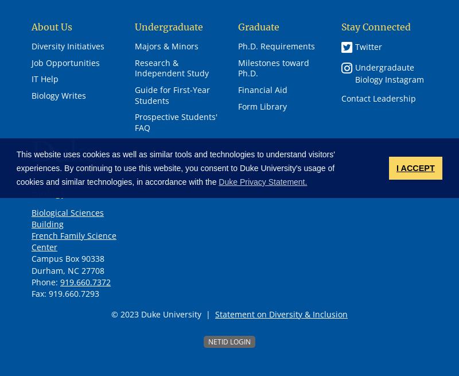 Image resolution: width=459 pixels, height=376 pixels. Describe the element at coordinates (355, 45) in the screenshot. I see `'Twitter'` at that location.